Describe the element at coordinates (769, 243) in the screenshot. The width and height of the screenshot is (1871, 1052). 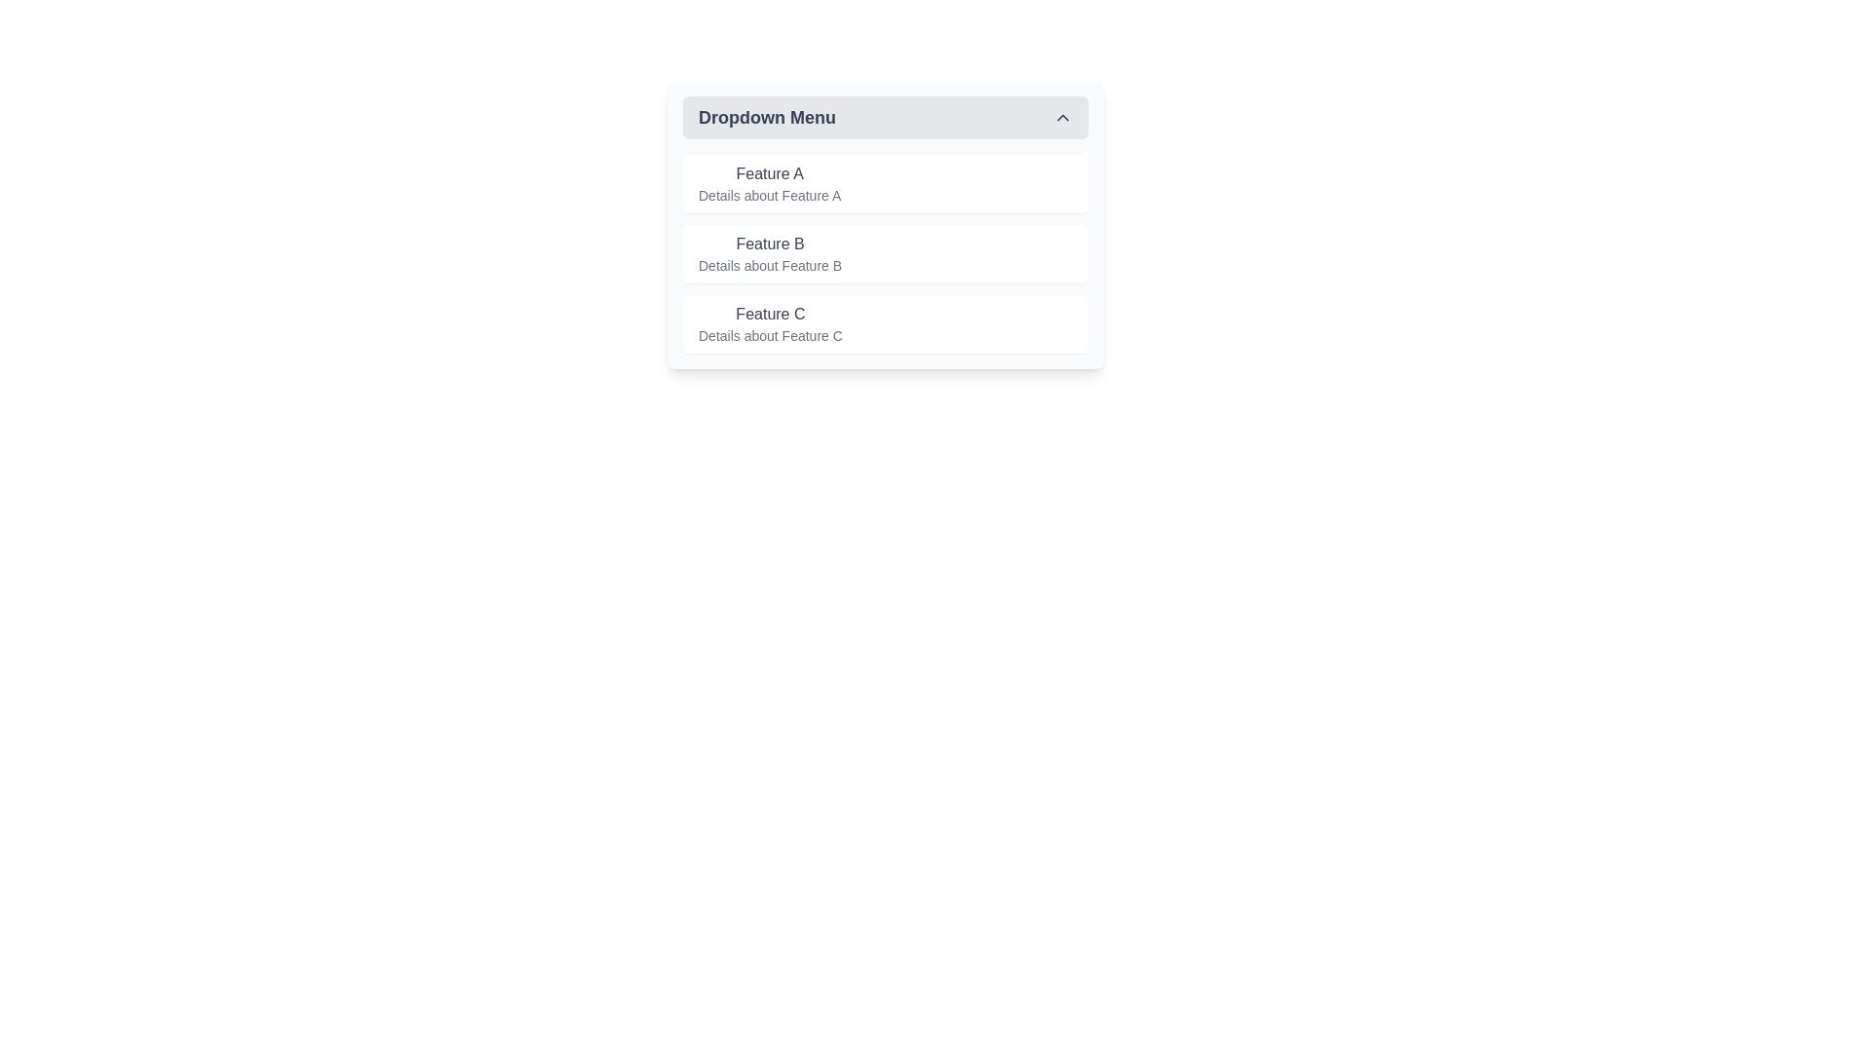
I see `title 'Feature B' from the Text Label or Heading which serves as a title for the corresponding feature in the dropdown menu` at that location.